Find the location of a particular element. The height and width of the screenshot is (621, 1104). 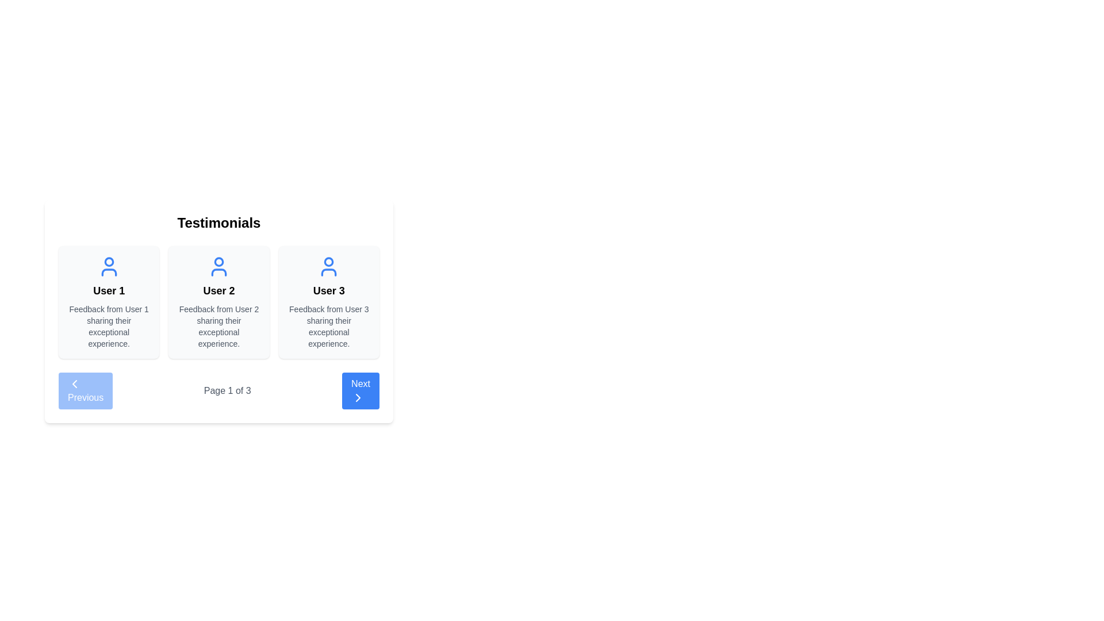

the 'Previous Page' button located in the bottom-left section of the pagination control is located at coordinates (85, 390).